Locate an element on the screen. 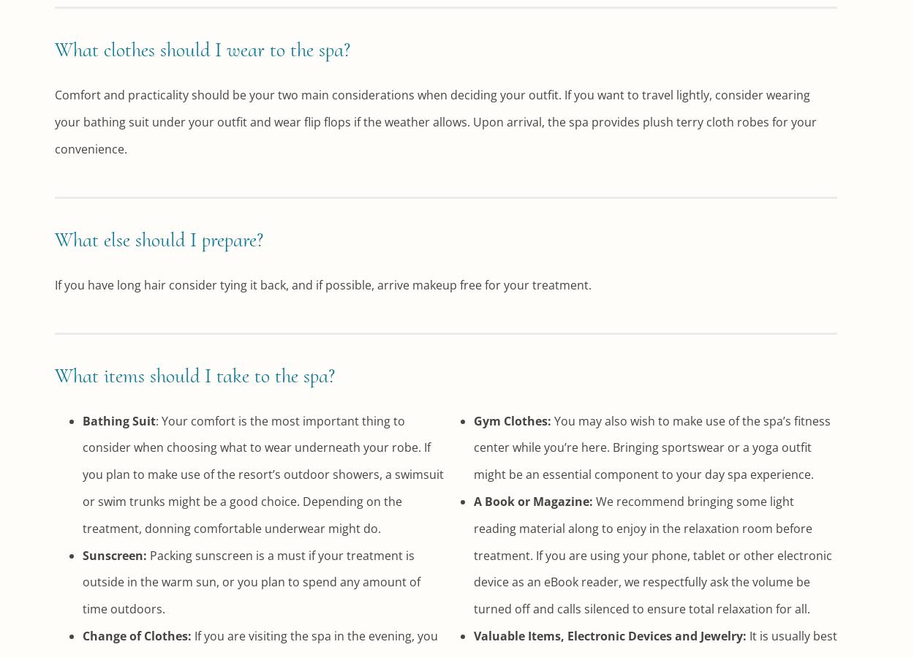 Image resolution: width=914 pixels, height=658 pixels. 'We recommend bringing some light reading material along to enjoy in the relaxation room before treatment. If you are using your phone, tablet or other electronic device as an eBook reader, we respectfully ask the volume be turned off and calls silenced to ensure total relaxation for all.' is located at coordinates (652, 553).